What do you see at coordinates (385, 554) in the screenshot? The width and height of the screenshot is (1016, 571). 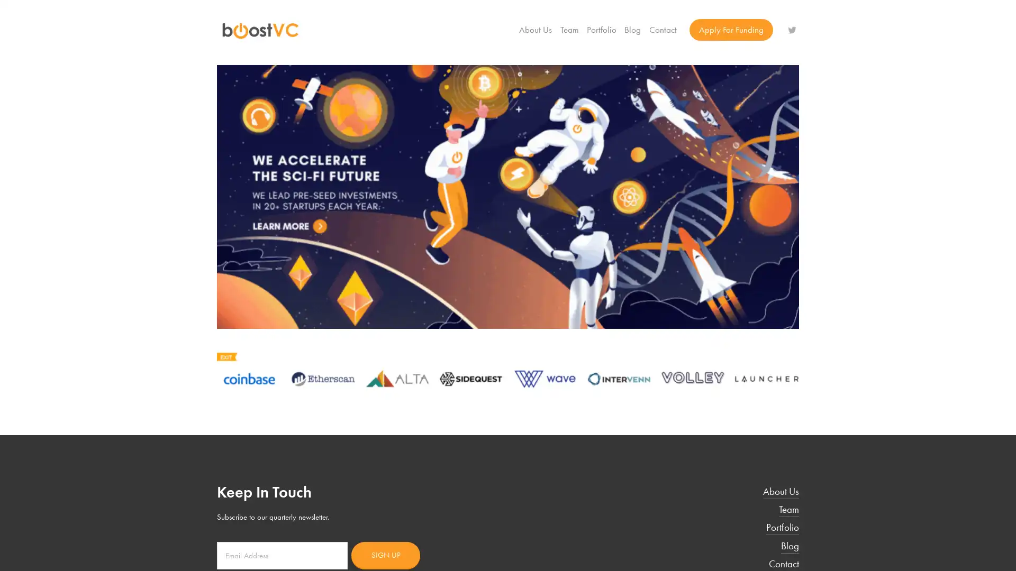 I see `SIGN UP` at bounding box center [385, 554].